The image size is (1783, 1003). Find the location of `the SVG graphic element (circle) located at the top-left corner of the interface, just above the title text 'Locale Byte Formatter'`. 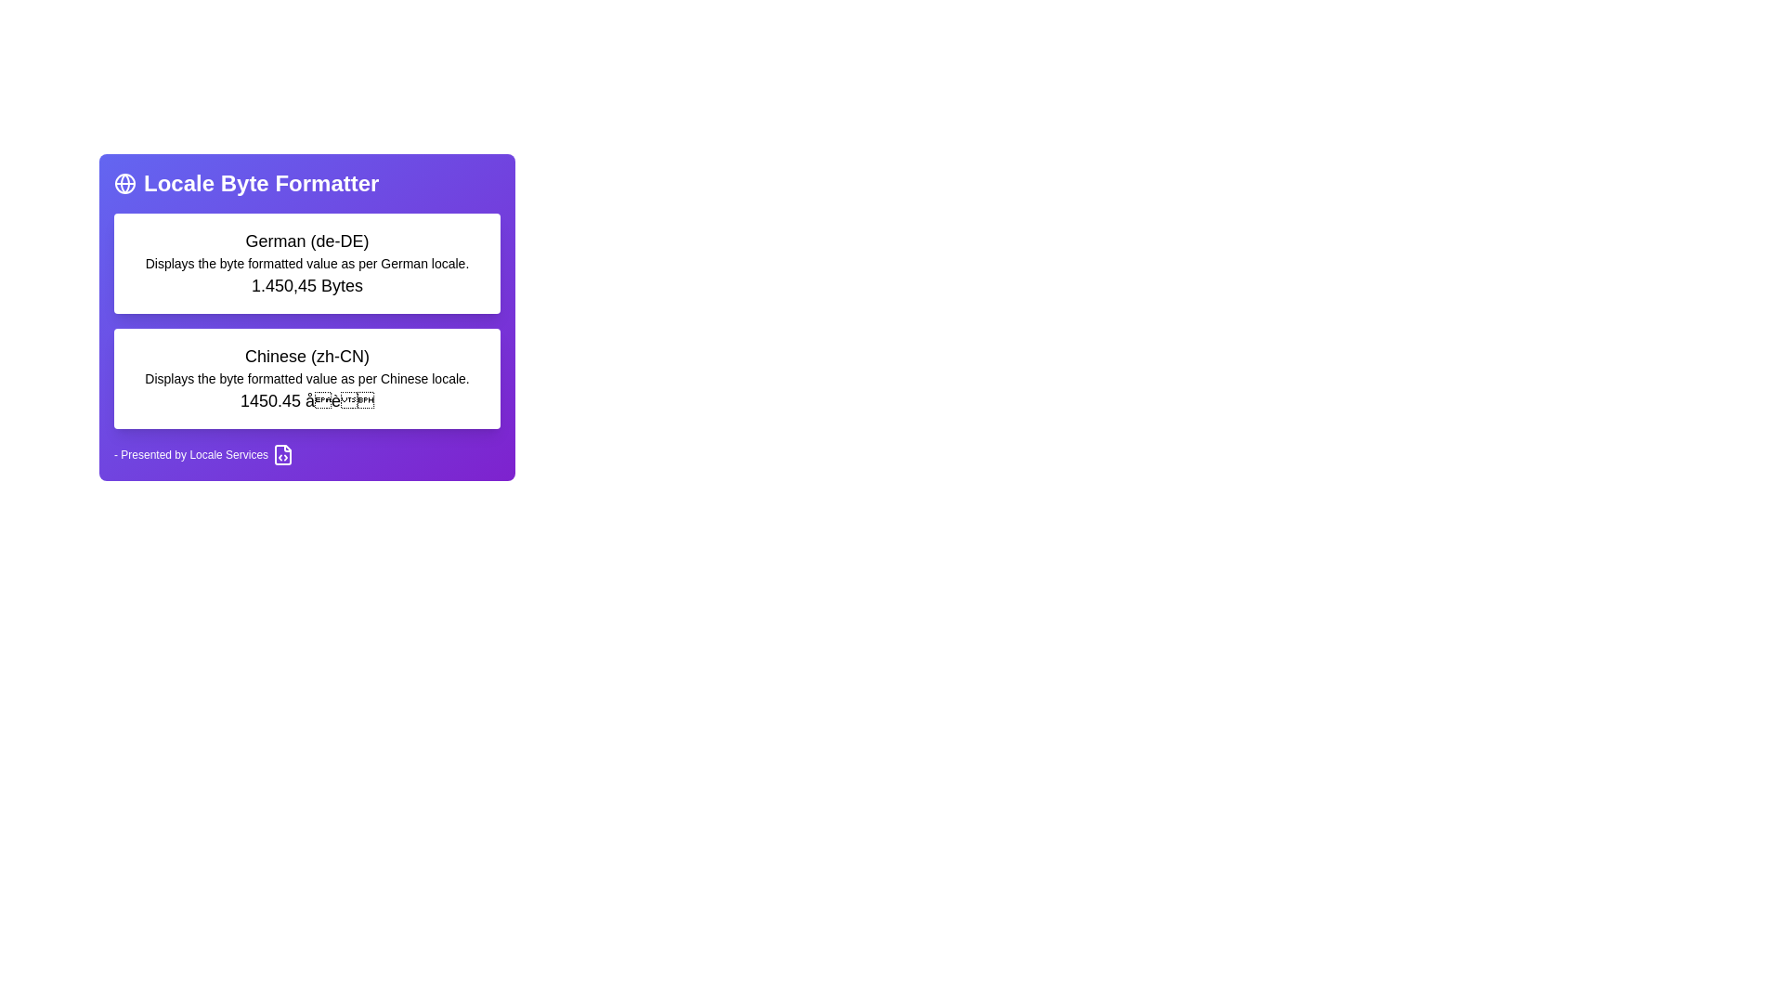

the SVG graphic element (circle) located at the top-left corner of the interface, just above the title text 'Locale Byte Formatter' is located at coordinates (124, 183).